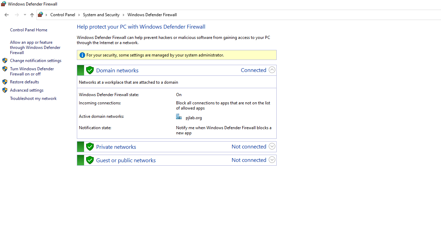  Describe the element at coordinates (103, 14) in the screenshot. I see `'System and Security'` at that location.